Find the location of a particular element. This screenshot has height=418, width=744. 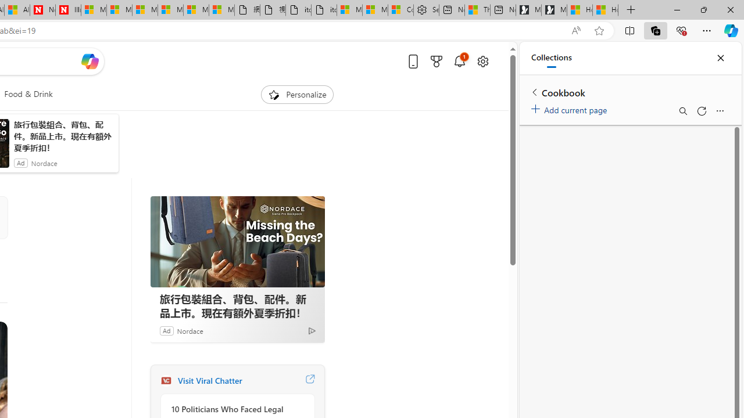

'Visit Viral Chatter website' is located at coordinates (310, 380).